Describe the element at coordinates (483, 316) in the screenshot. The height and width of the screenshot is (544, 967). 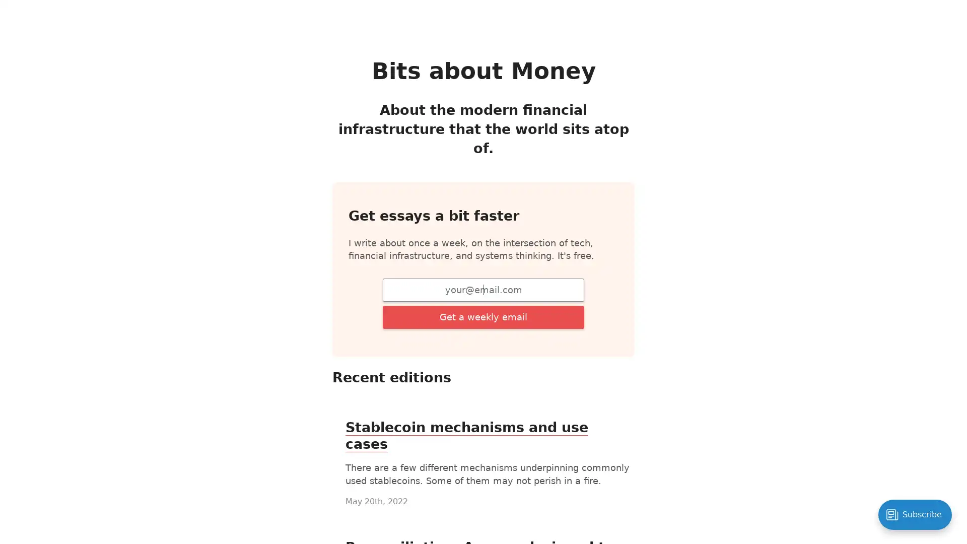
I see `Get a weekly email` at that location.